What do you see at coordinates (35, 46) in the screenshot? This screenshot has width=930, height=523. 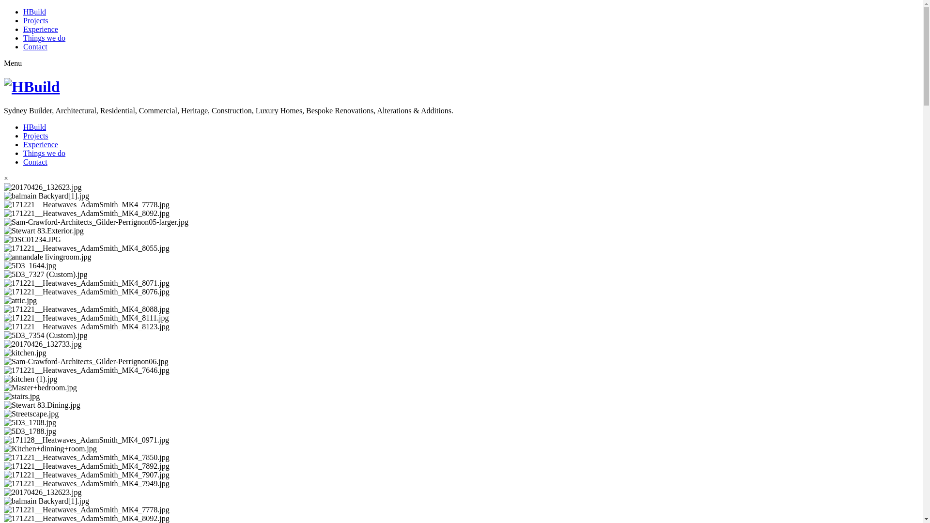 I see `'Contact'` at bounding box center [35, 46].